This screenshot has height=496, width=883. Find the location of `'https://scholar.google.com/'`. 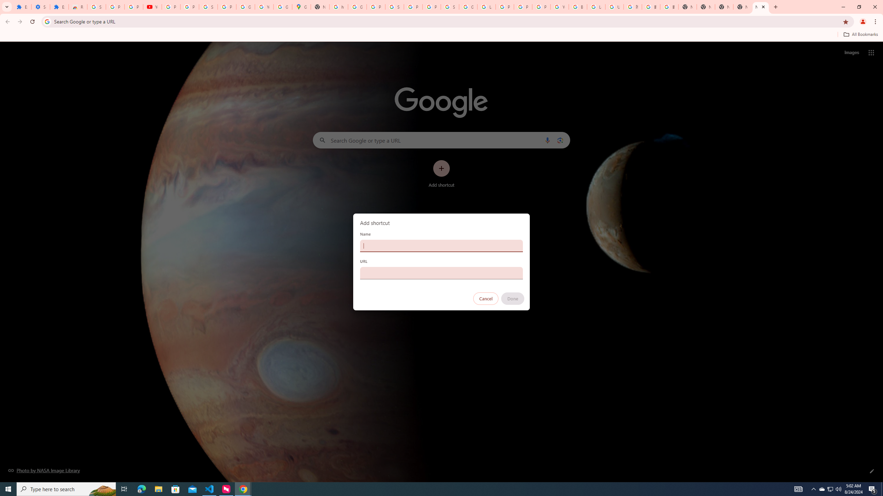

'https://scholar.google.com/' is located at coordinates (339, 7).